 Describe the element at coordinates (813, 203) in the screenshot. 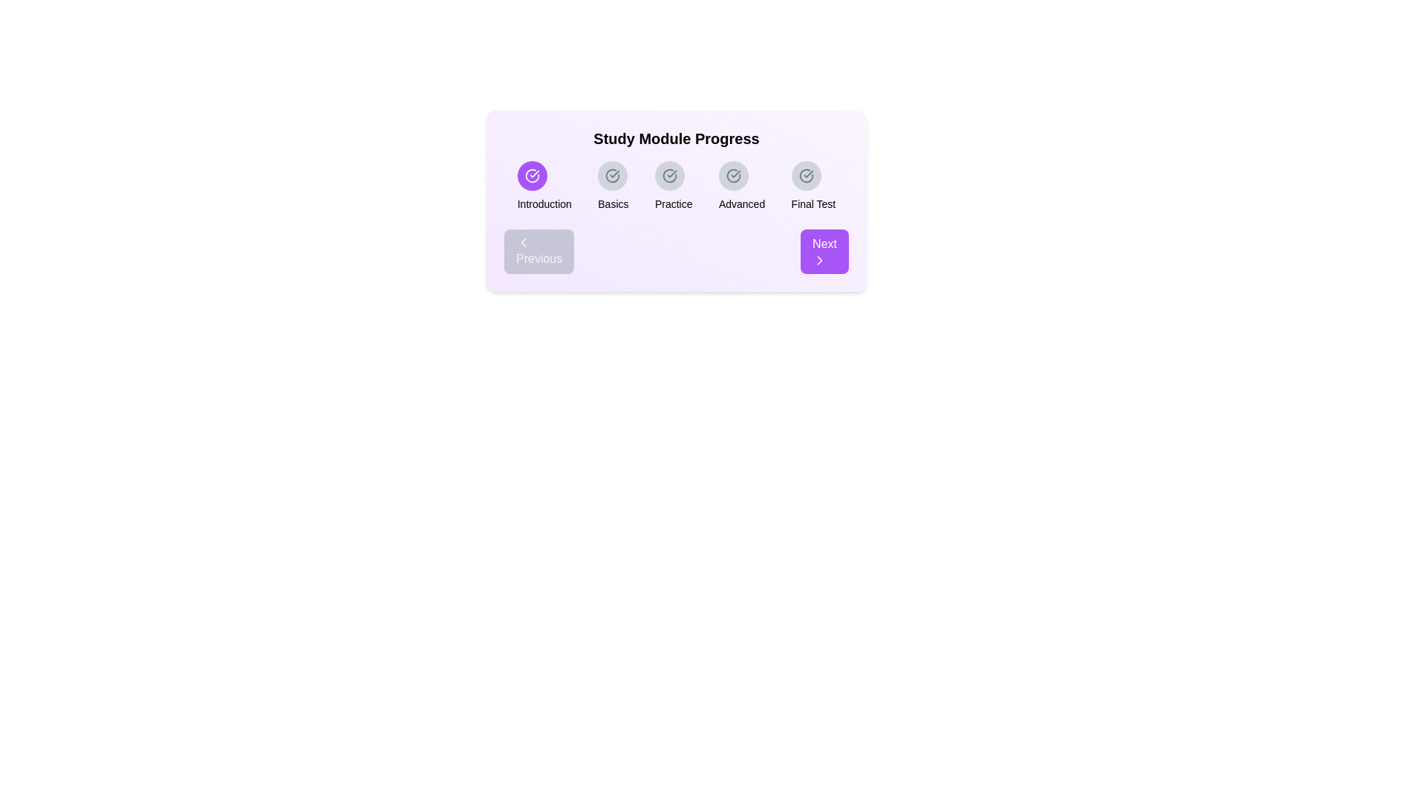

I see `the static text label 'Final Test', which indicates the final stage in the study module progress tracker, located near the top right corner under the circular icon` at that location.